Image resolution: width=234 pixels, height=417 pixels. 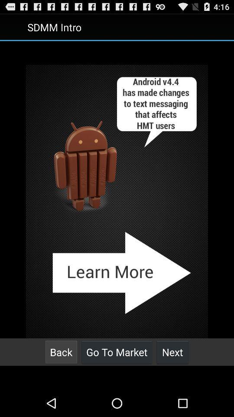 I want to click on icon to the left of the go to market button, so click(x=61, y=352).